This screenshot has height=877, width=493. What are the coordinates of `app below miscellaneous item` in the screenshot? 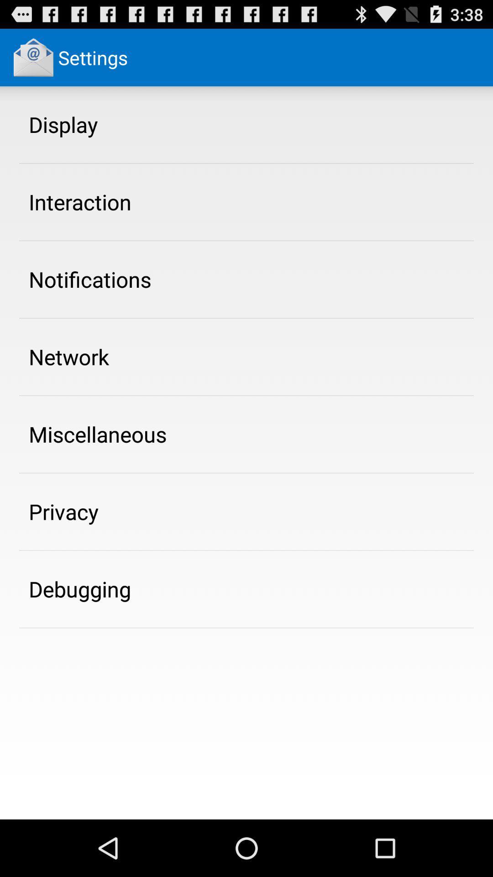 It's located at (63, 512).